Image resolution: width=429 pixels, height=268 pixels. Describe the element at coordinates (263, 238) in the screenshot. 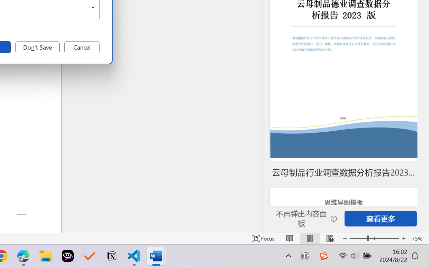

I see `'Focus '` at that location.